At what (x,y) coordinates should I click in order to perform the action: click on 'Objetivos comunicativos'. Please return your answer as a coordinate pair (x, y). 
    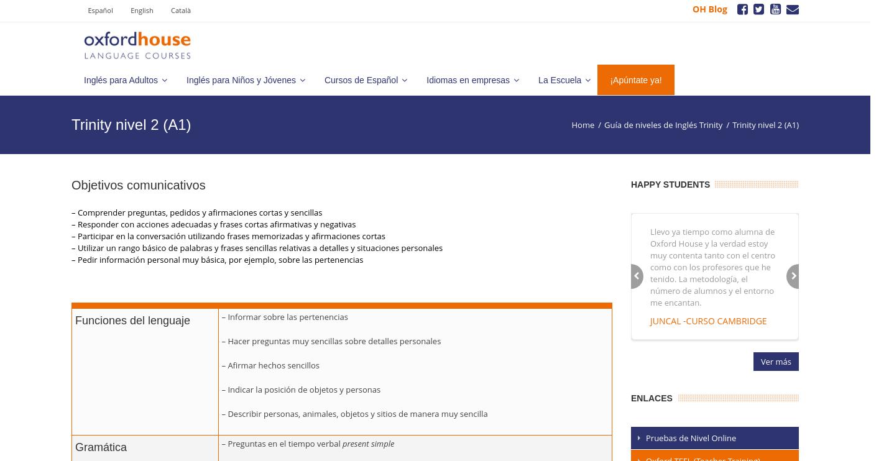
    Looking at the image, I should click on (137, 185).